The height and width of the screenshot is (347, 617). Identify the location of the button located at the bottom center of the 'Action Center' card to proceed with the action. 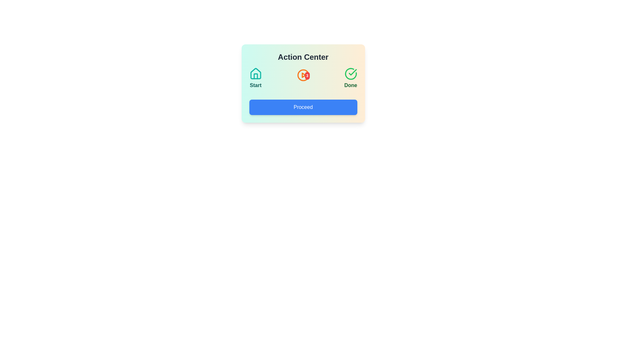
(303, 107).